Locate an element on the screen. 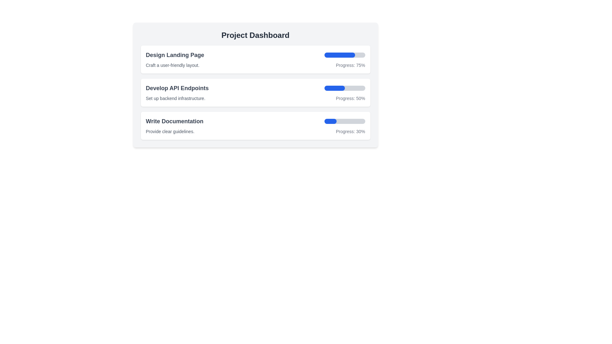 The height and width of the screenshot is (344, 612). task details from the second Task Display Card located in the Project Dashboard, which is positioned below 'Design Landing Page' and above 'Write Documentation' is located at coordinates (255, 92).